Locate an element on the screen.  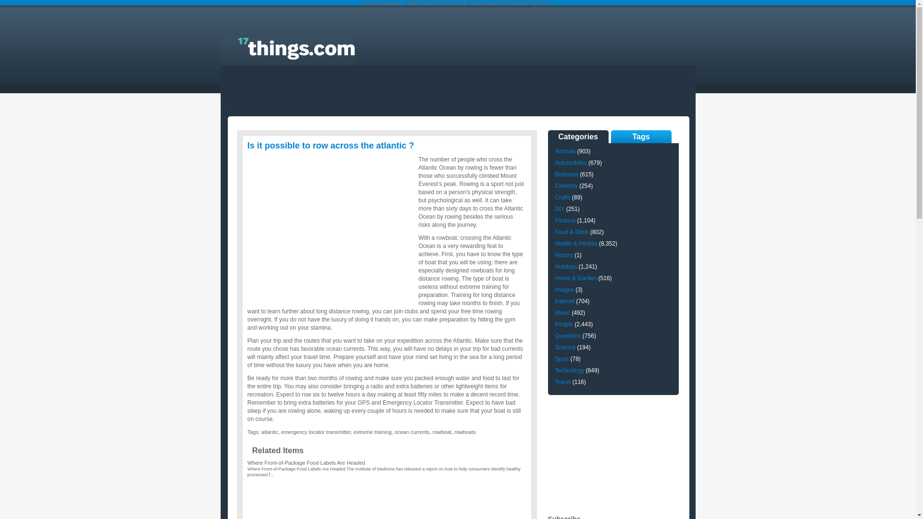
'Science' is located at coordinates (565, 347).